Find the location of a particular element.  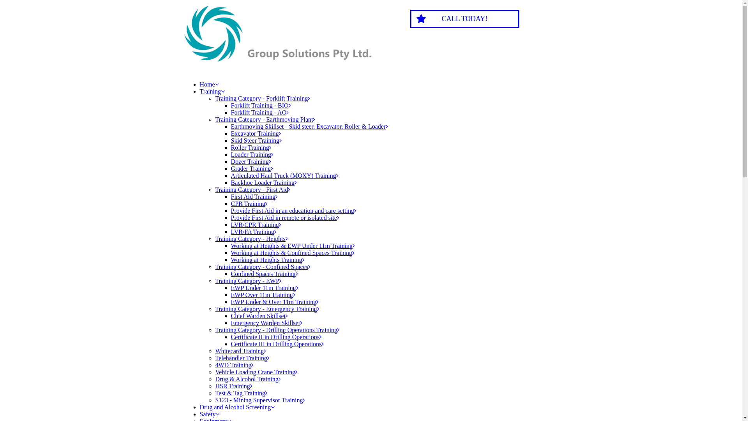

'4WD Training' is located at coordinates (234, 365).